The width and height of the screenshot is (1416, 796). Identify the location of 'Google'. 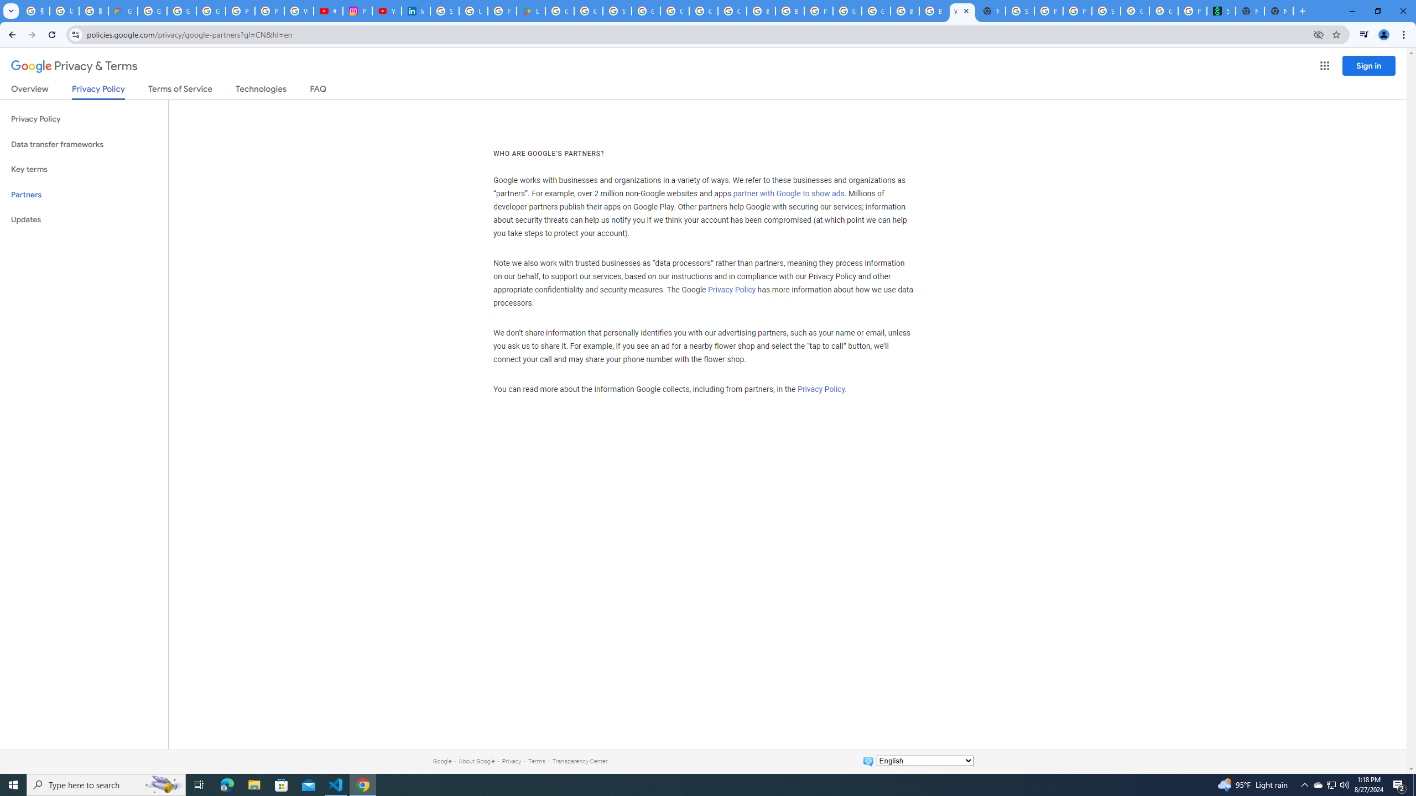
(441, 761).